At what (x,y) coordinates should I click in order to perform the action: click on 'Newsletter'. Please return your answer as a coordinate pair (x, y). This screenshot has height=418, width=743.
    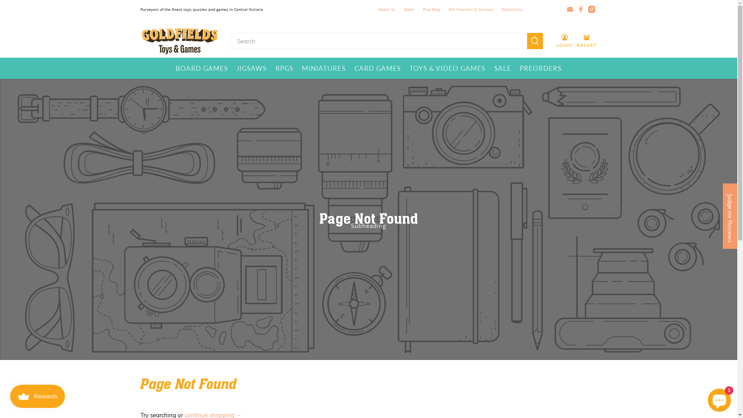
    Looking at the image, I should click on (498, 9).